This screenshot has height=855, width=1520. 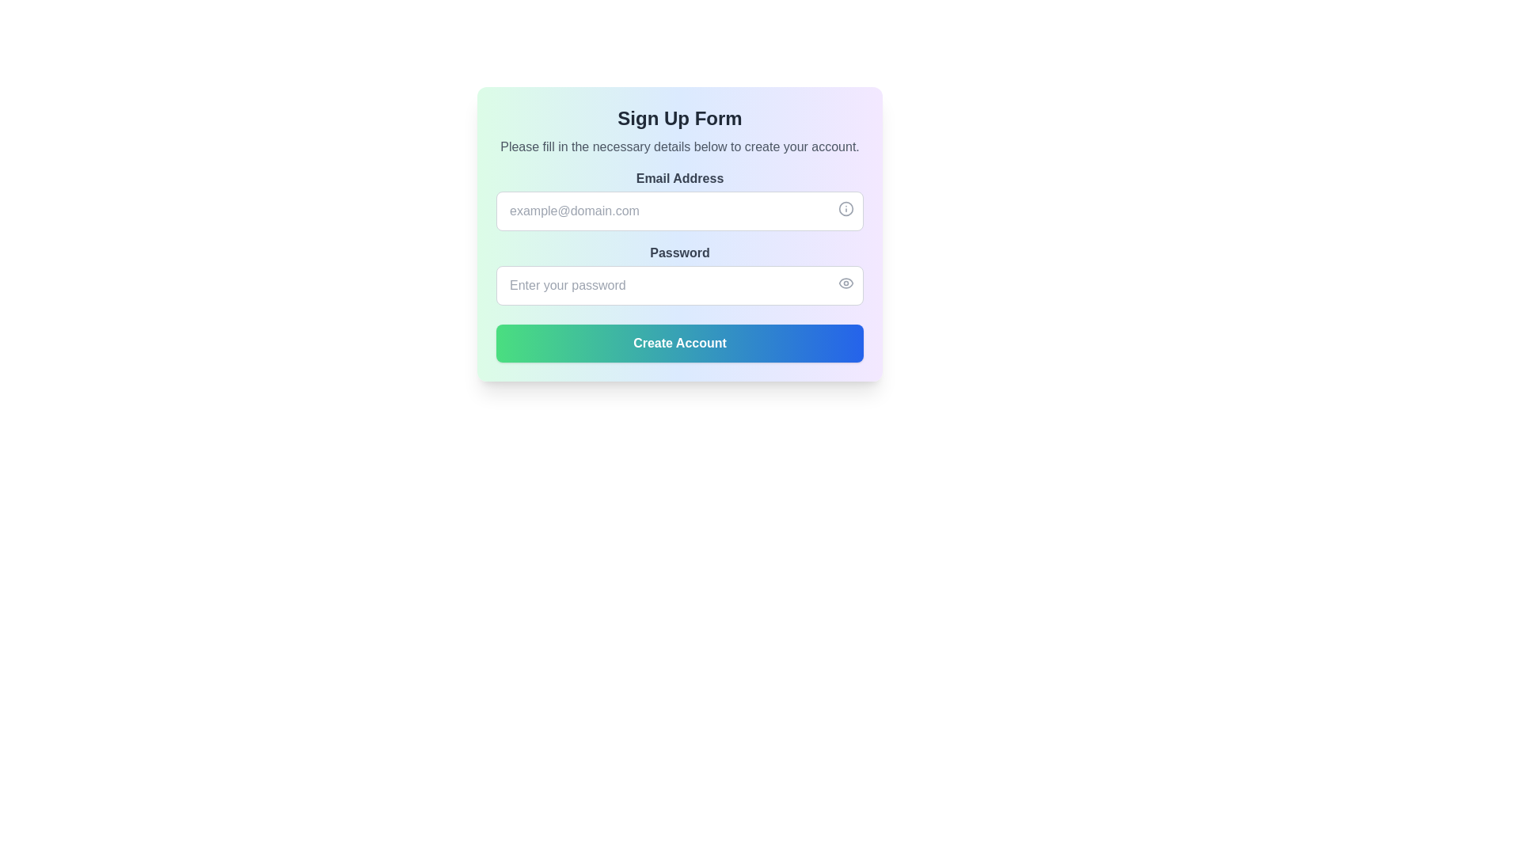 I want to click on the 'Sign Up Form' header, which is a large bold text element located at the top of the colorful rectangular card, so click(x=680, y=118).